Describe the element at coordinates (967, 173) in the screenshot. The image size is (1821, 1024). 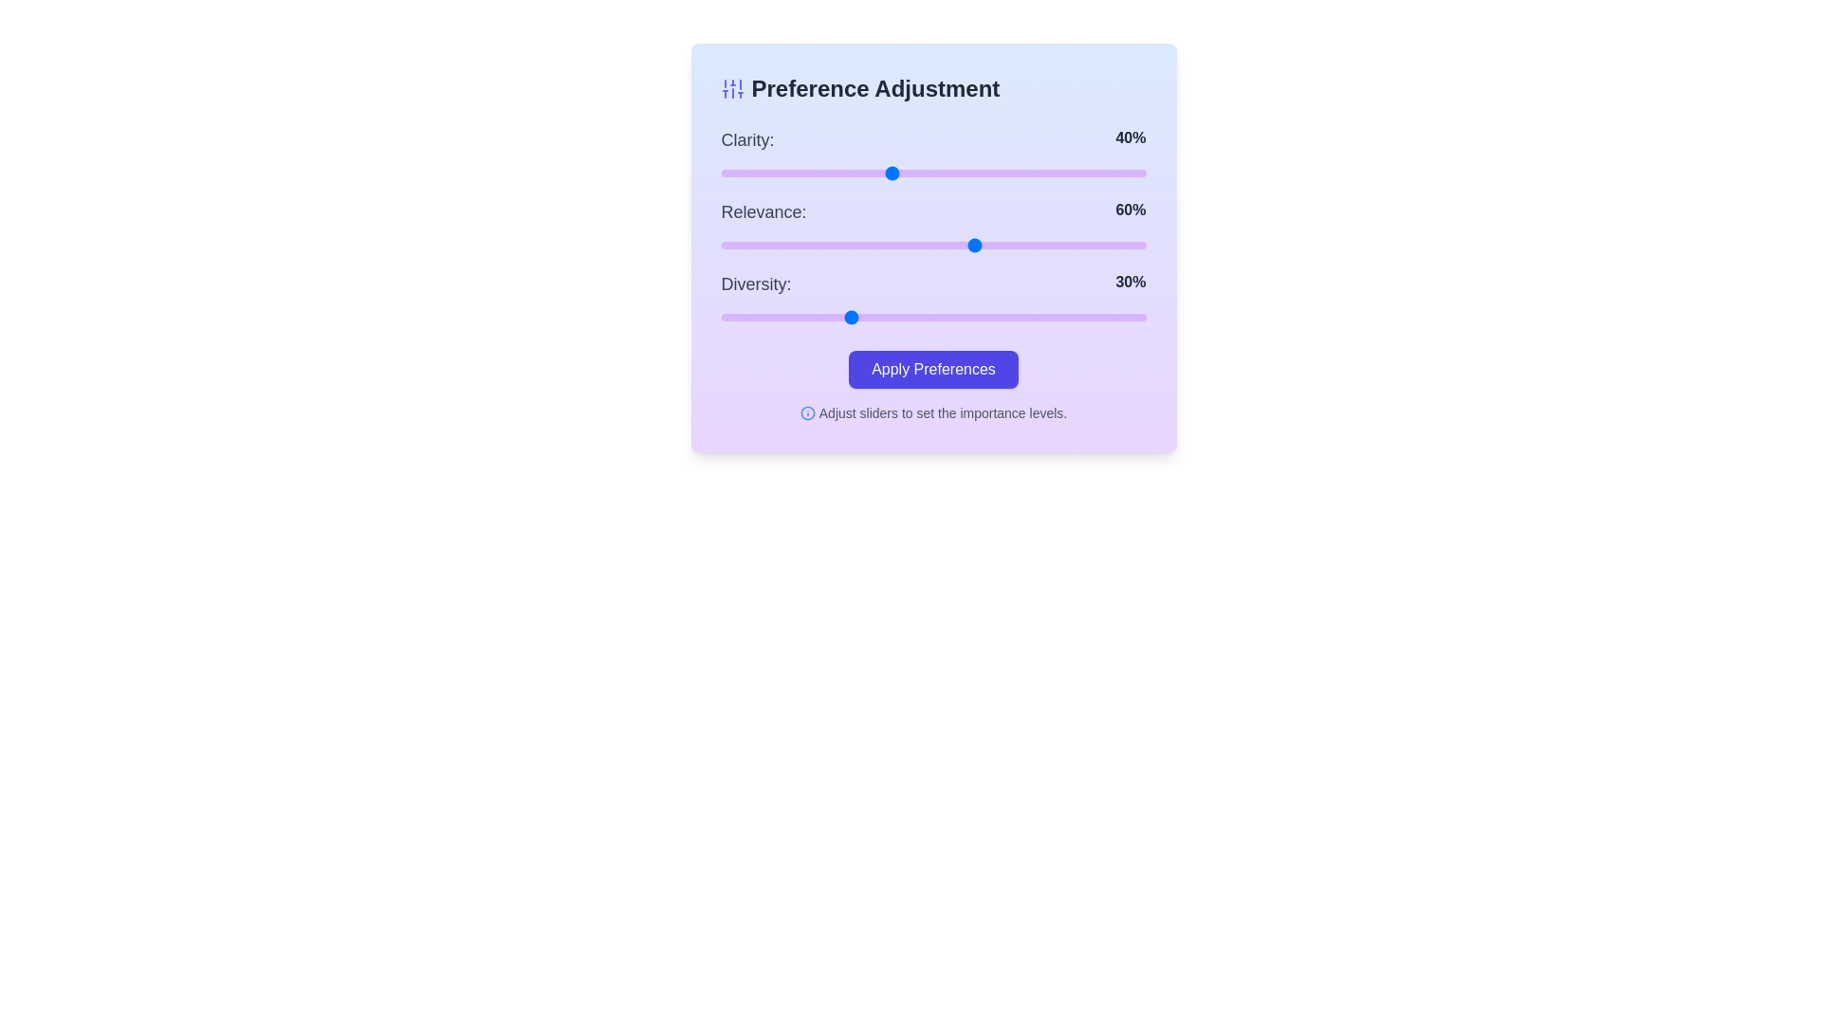
I see `the slider for 0 to 58%` at that location.